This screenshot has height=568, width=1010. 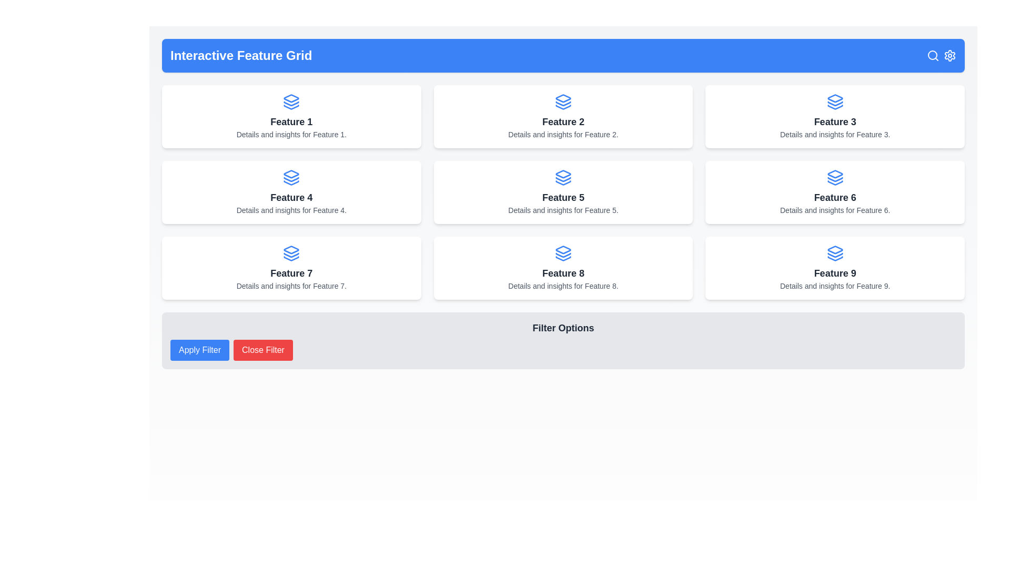 What do you see at coordinates (834, 117) in the screenshot?
I see `the rightmost card labeled 'Feature 3' which has a blue icon resembling layered squares and a bold title in black` at bounding box center [834, 117].